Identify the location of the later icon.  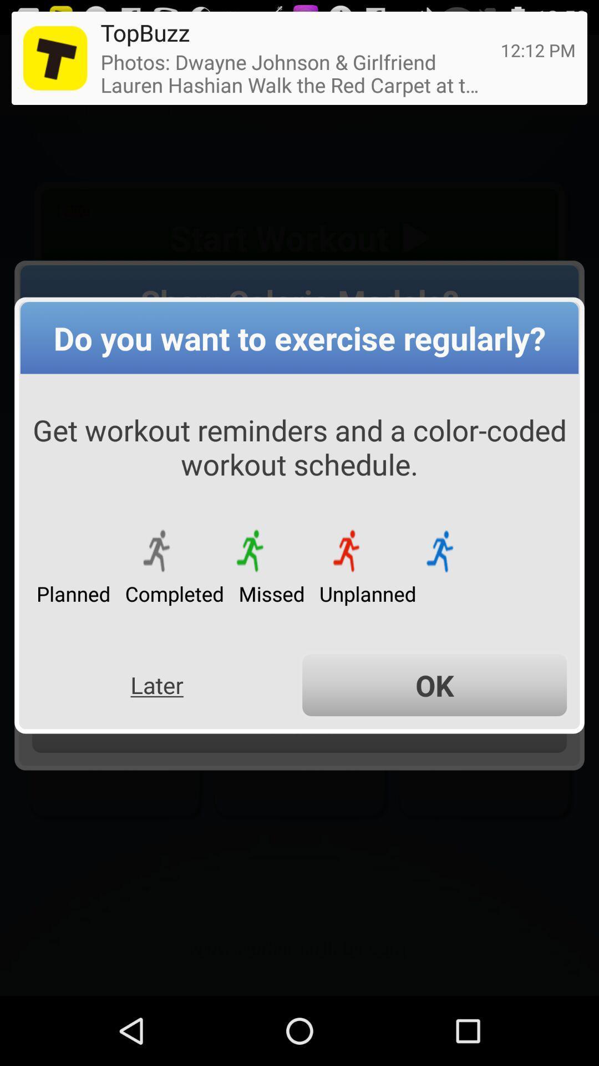
(157, 685).